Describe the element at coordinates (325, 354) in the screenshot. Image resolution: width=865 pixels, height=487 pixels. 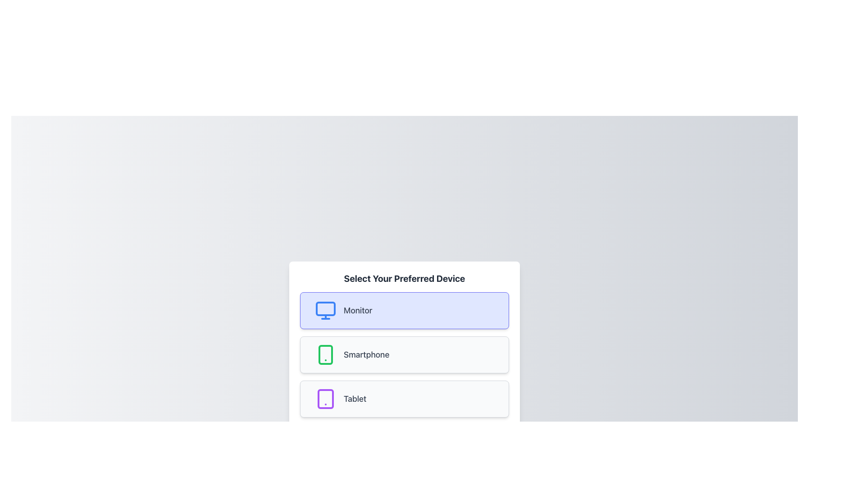
I see `the outlined green smartphone icon located within the rounded rectangular 'Smartphone' button, positioned to the left of the text 'Smartphone'` at that location.